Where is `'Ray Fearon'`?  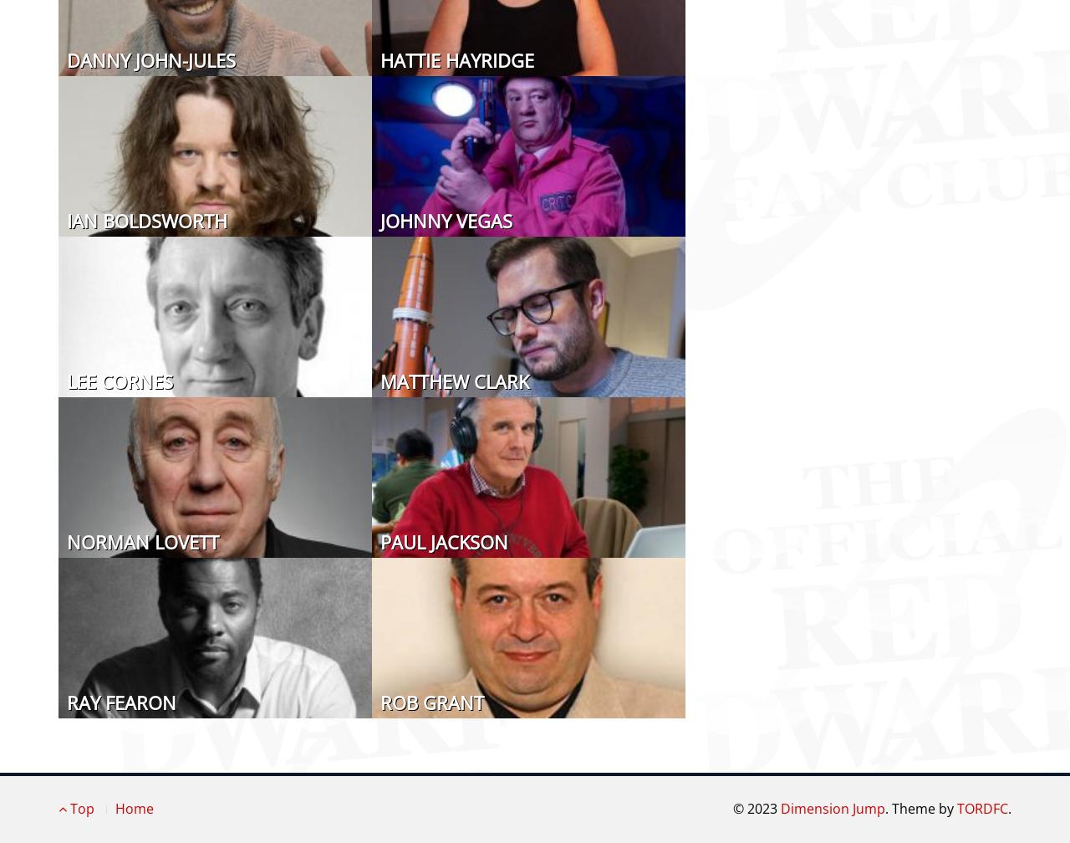 'Ray Fearon' is located at coordinates (67, 701).